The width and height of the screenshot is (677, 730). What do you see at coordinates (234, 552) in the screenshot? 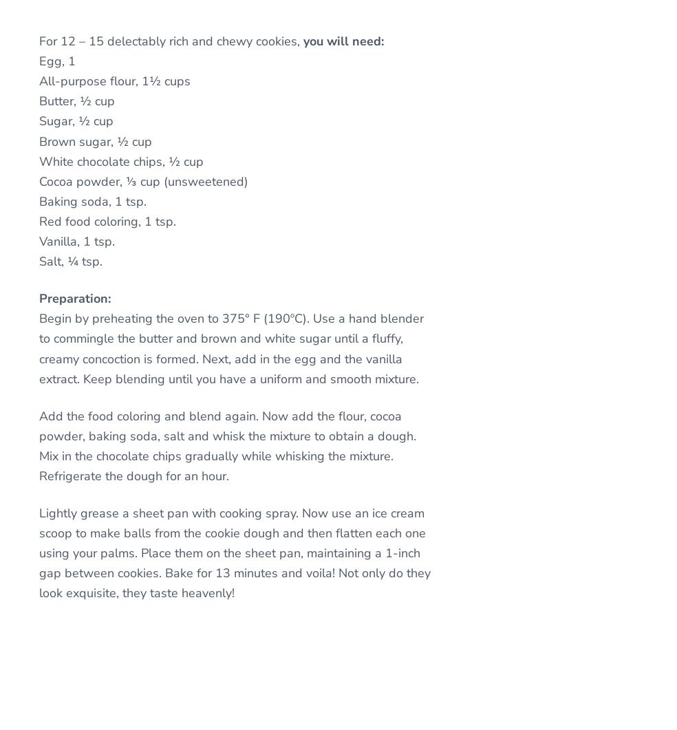
I see `'Lightly grease a sheet pan with cooking spray. Now use an ice cream scoop to make balls from the cookie dough and then flatten each one using your palms. Place them on the sheet pan, maintaining a 1-inch gap between cookies. Bake for 13 minutes and voila! Not only do they look exquisite, they taste heavenly!'` at bounding box center [234, 552].